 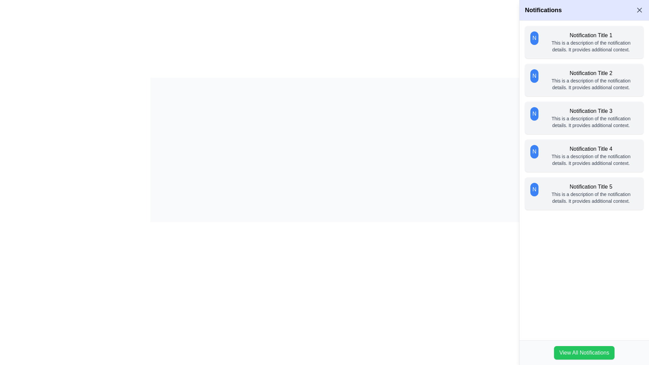 What do you see at coordinates (534, 38) in the screenshot?
I see `the circular blue icon with the letter 'N' in white, located to the left of 'Notification Title 1' in the Notifications panel` at bounding box center [534, 38].